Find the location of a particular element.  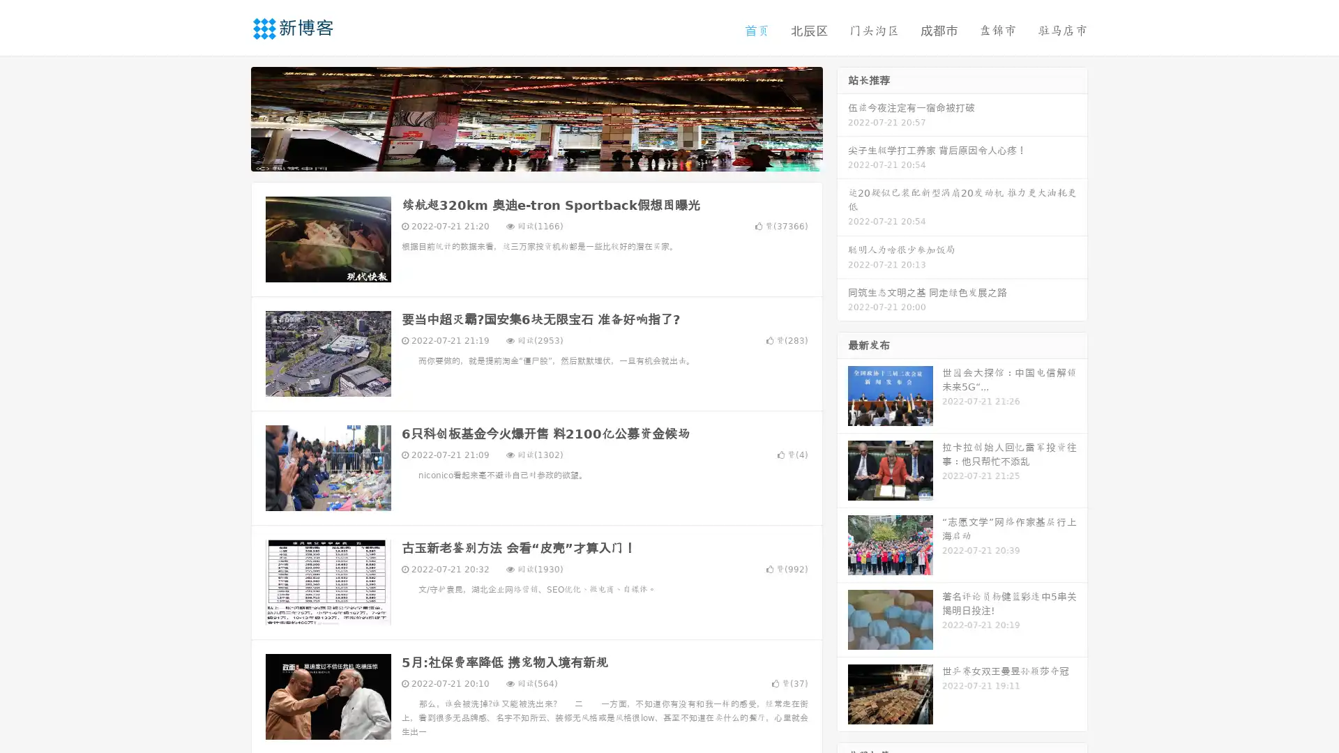

Go to slide 2 is located at coordinates (536, 157).